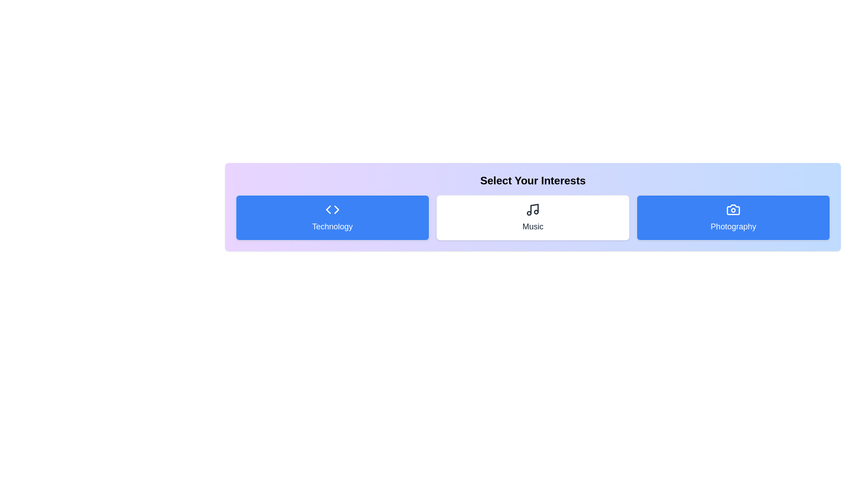  I want to click on the category button corresponding to Music, so click(533, 218).